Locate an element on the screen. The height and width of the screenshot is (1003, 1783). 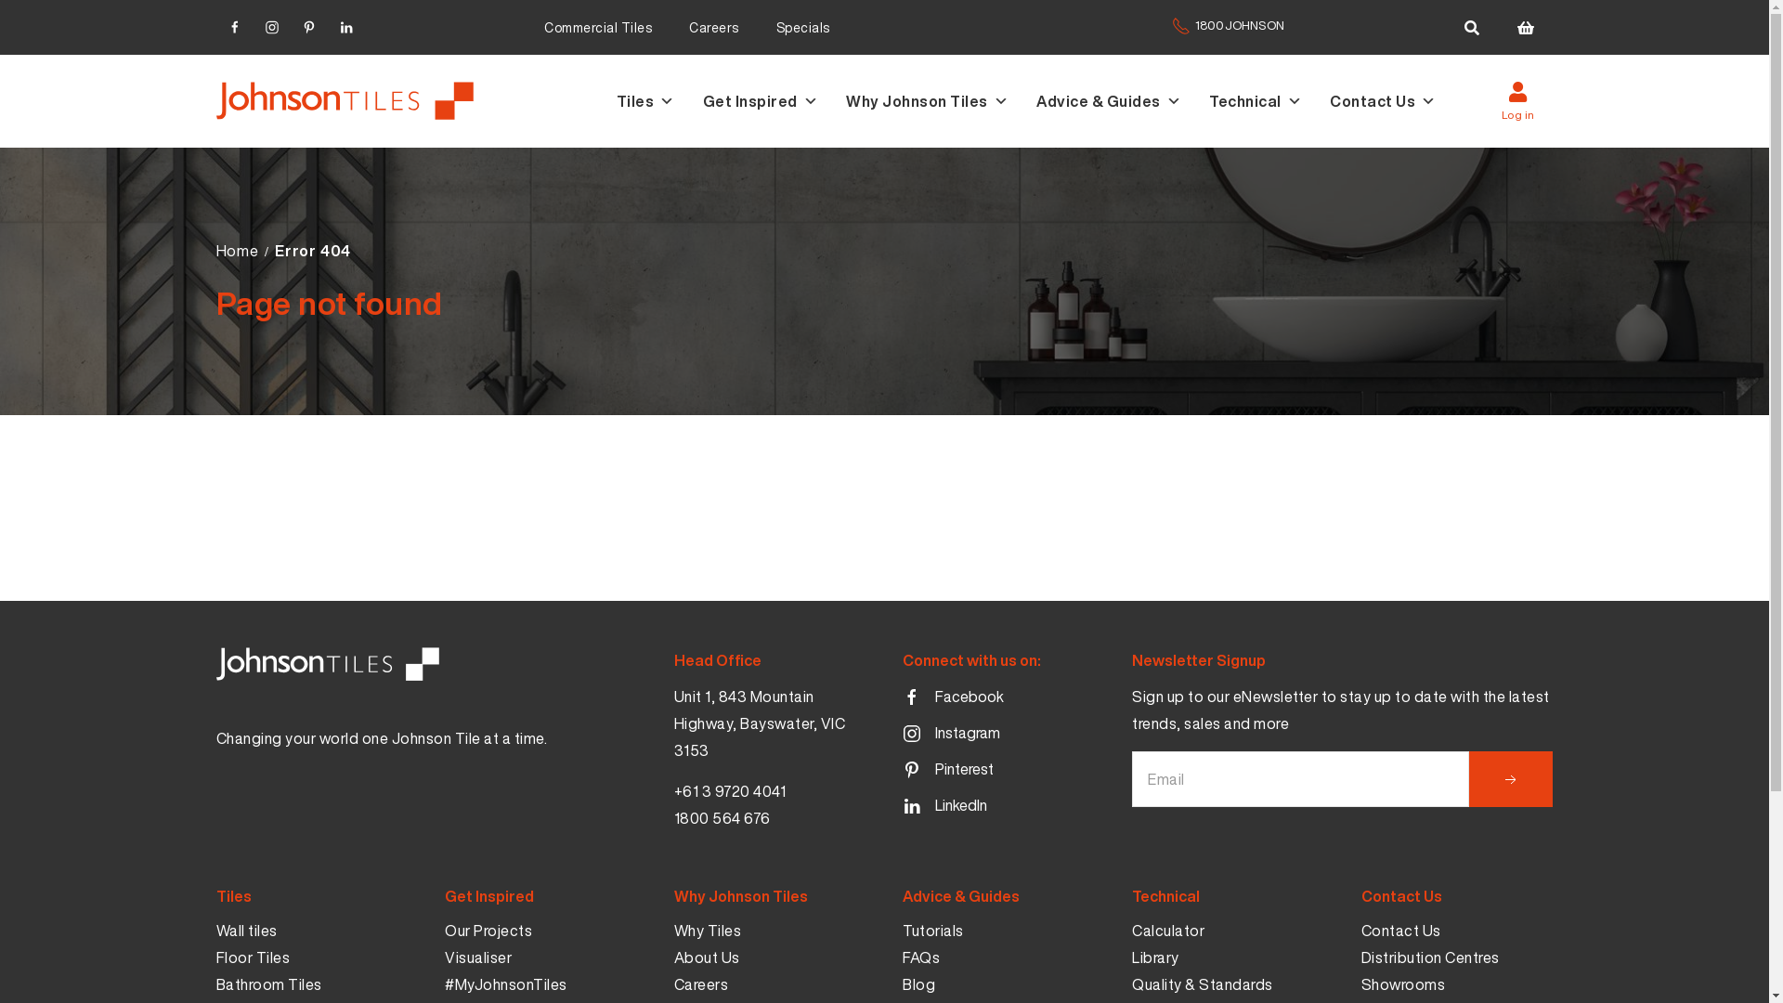
'Specials' is located at coordinates (802, 27).